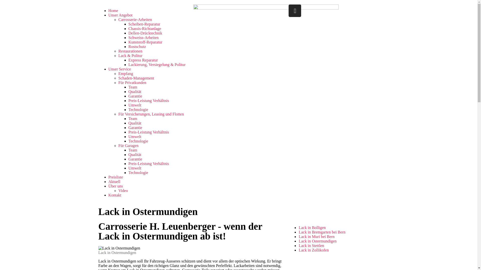 The width and height of the screenshot is (481, 270). Describe the element at coordinates (135, 168) in the screenshot. I see `'Umwelt'` at that location.